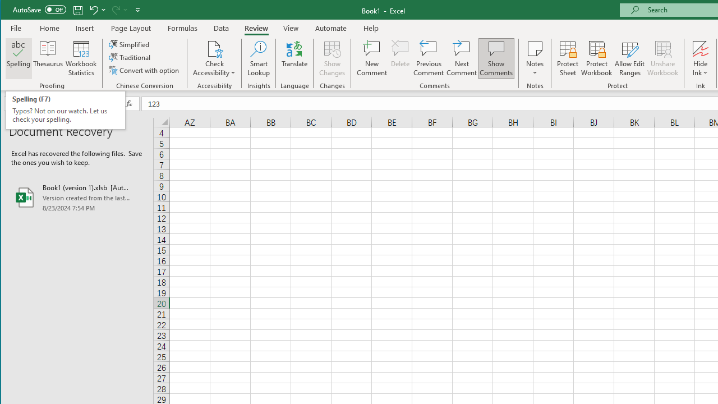 The width and height of the screenshot is (718, 404). What do you see at coordinates (144, 70) in the screenshot?
I see `'Convert with option'` at bounding box center [144, 70].